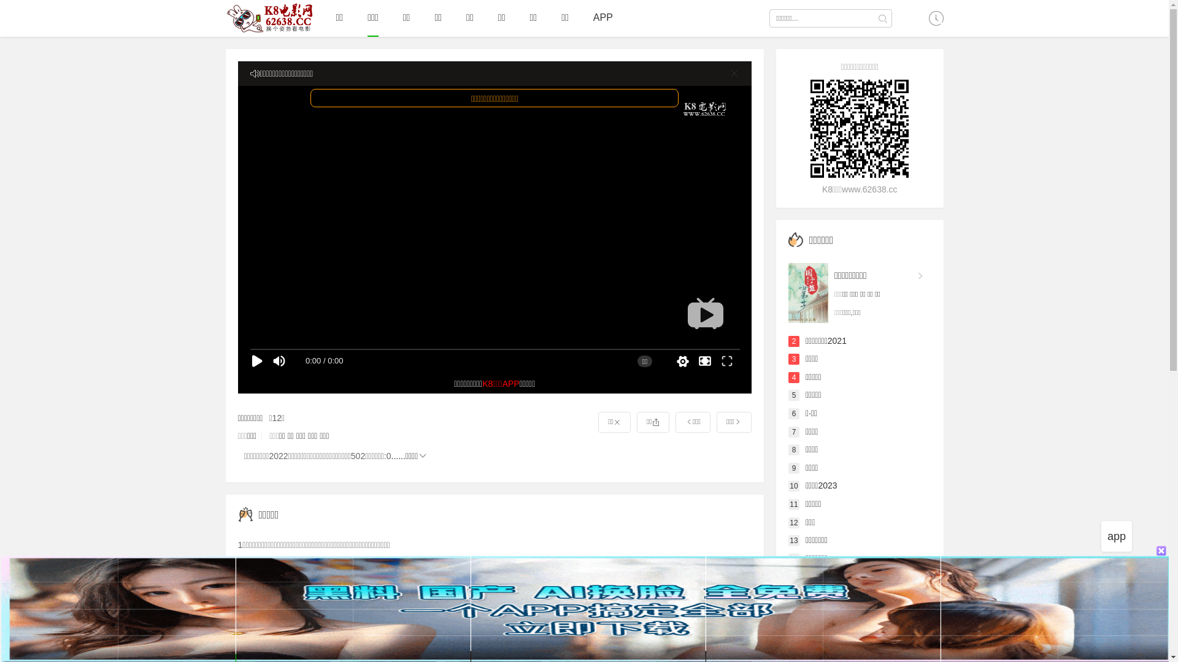  What do you see at coordinates (593, 18) in the screenshot?
I see `'APP'` at bounding box center [593, 18].